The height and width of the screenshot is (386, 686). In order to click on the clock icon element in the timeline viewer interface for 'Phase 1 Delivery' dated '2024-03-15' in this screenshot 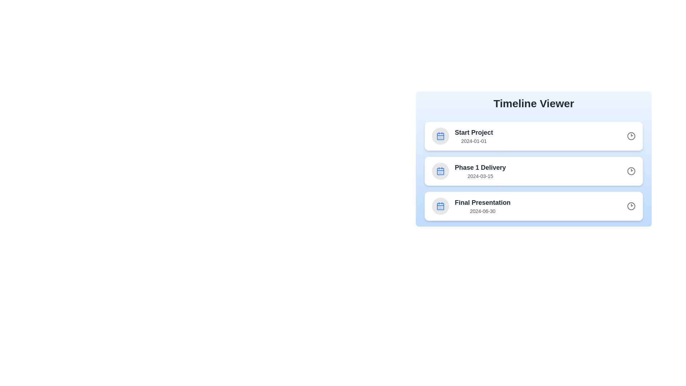, I will do `click(631, 171)`.